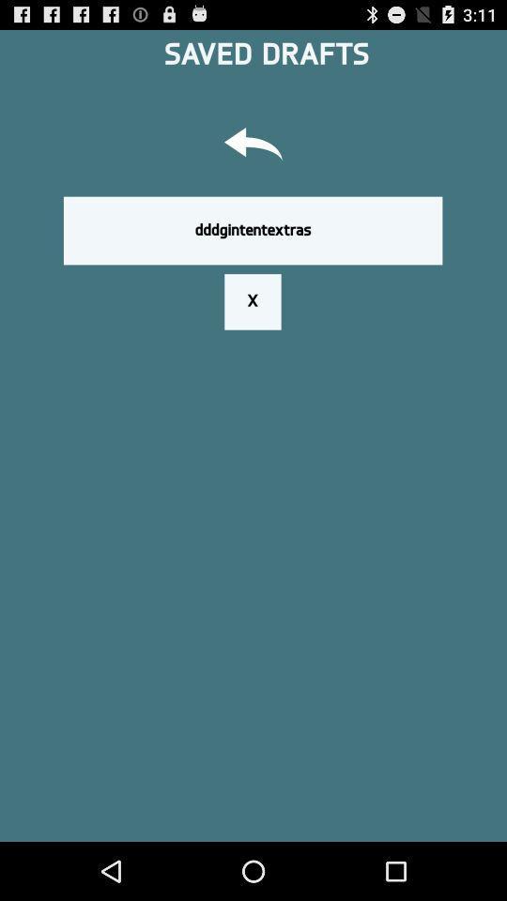 The height and width of the screenshot is (901, 507). I want to click on the x item, so click(253, 301).